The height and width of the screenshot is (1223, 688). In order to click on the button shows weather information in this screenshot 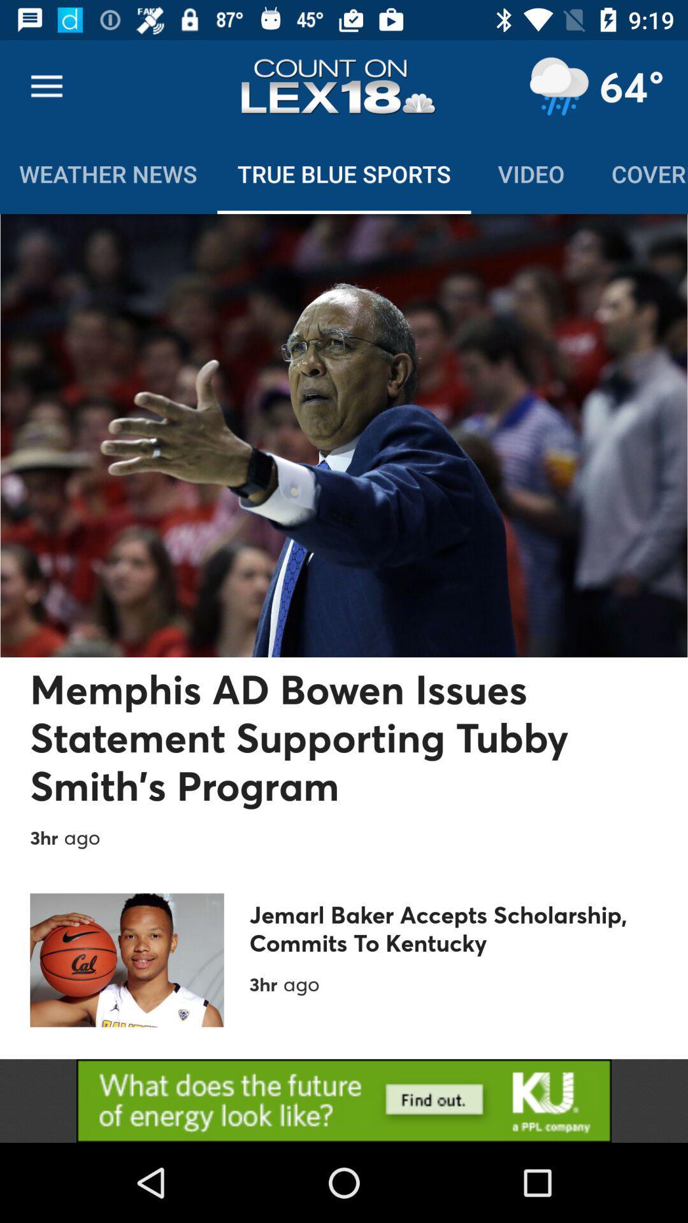, I will do `click(558, 86)`.